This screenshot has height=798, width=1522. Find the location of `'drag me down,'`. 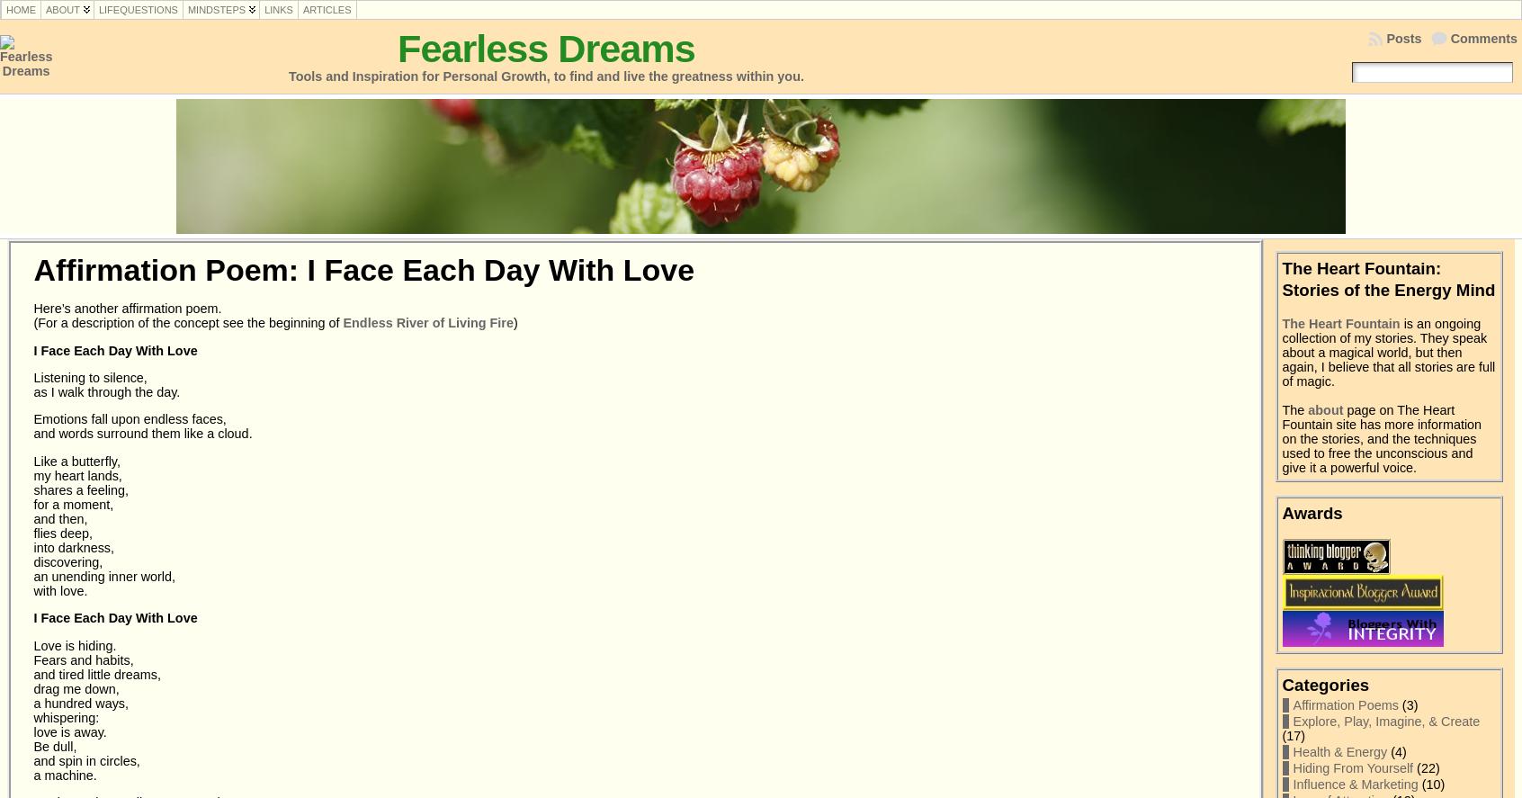

'drag me down,' is located at coordinates (76, 687).